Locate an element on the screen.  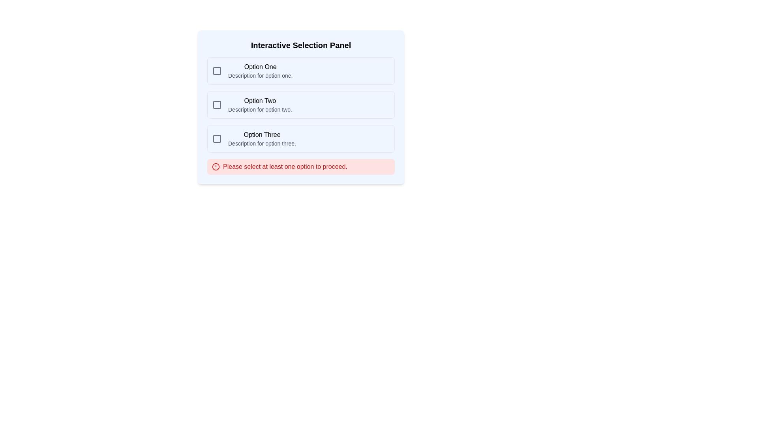
the checkbox is located at coordinates (217, 105).